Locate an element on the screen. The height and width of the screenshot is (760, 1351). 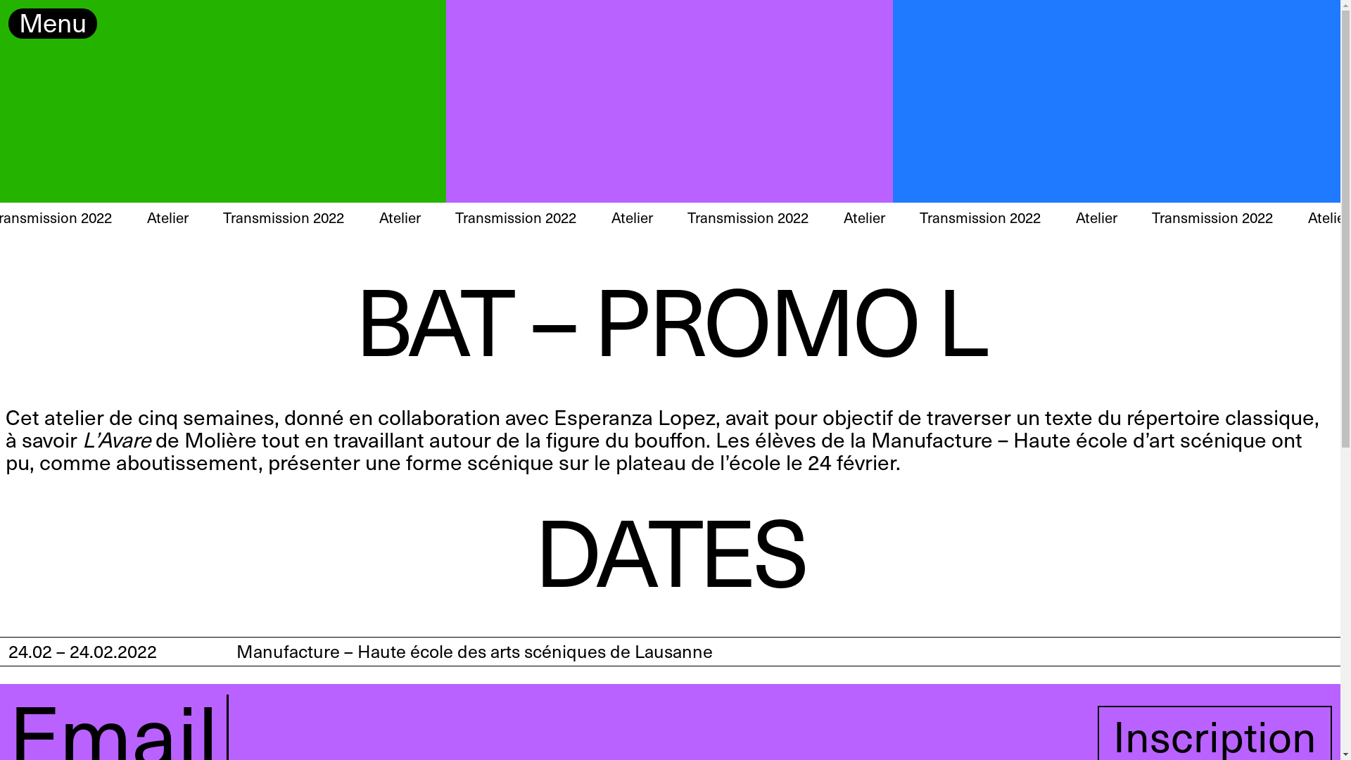
'Menu' is located at coordinates (8, 23).